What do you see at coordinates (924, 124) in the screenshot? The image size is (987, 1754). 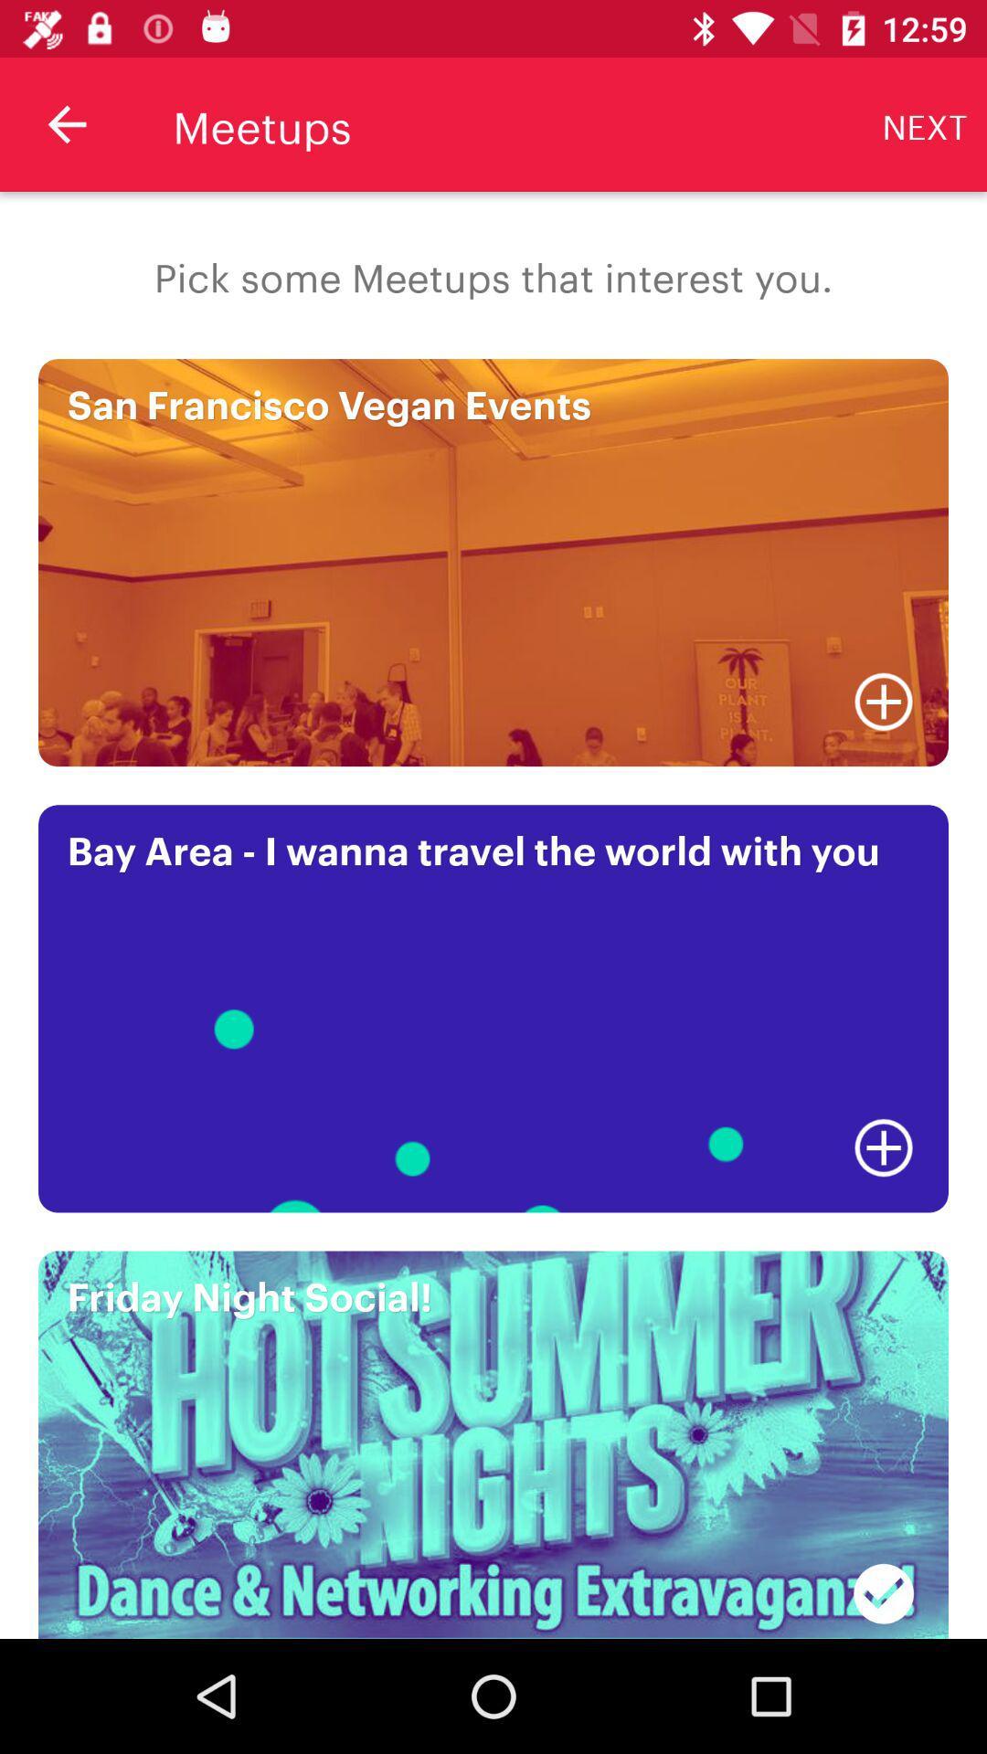 I see `next` at bounding box center [924, 124].